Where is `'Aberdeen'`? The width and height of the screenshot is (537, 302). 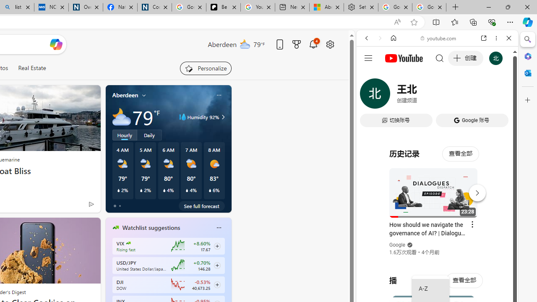
'Aberdeen' is located at coordinates (125, 95).